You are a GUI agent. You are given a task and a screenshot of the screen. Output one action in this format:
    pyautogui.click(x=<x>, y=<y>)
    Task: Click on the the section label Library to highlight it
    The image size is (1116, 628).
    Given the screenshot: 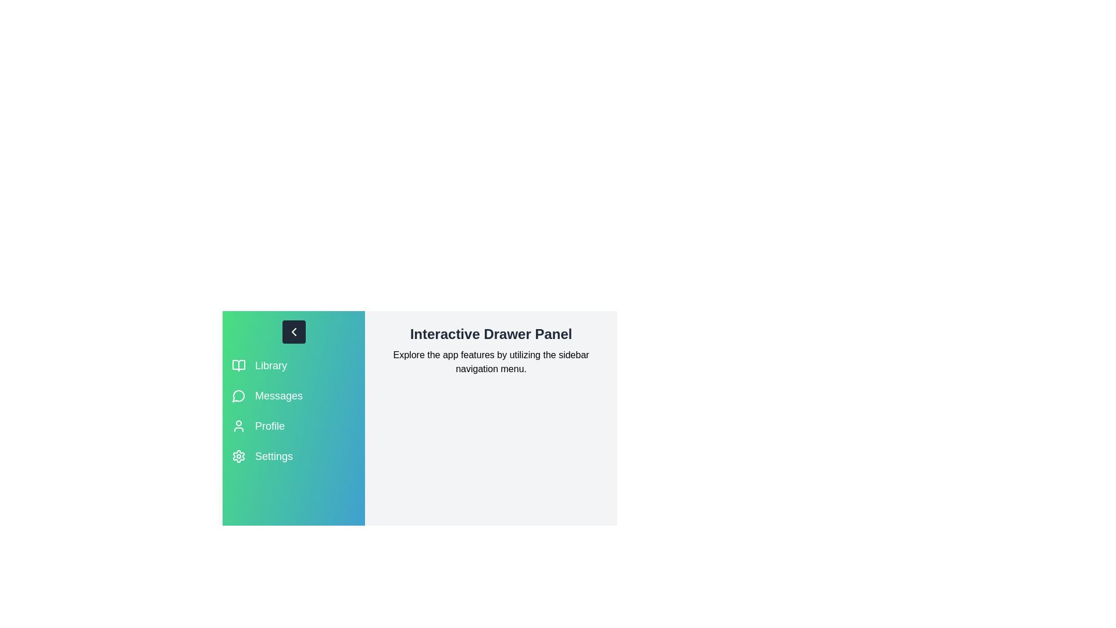 What is the action you would take?
    pyautogui.click(x=270, y=365)
    